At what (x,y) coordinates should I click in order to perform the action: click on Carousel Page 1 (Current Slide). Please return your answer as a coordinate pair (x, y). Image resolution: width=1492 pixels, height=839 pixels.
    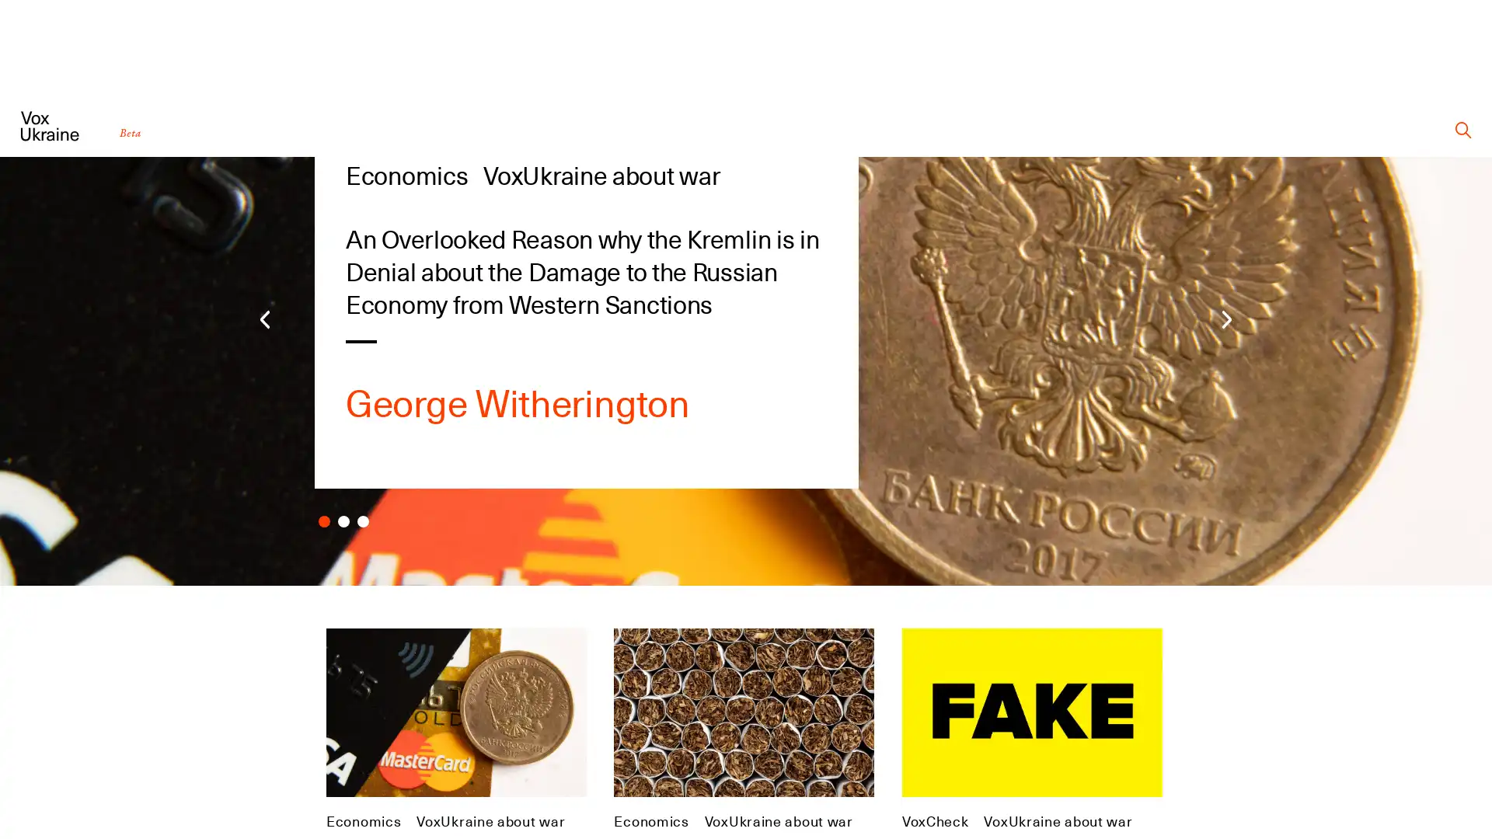
    Looking at the image, I should click on (323, 625).